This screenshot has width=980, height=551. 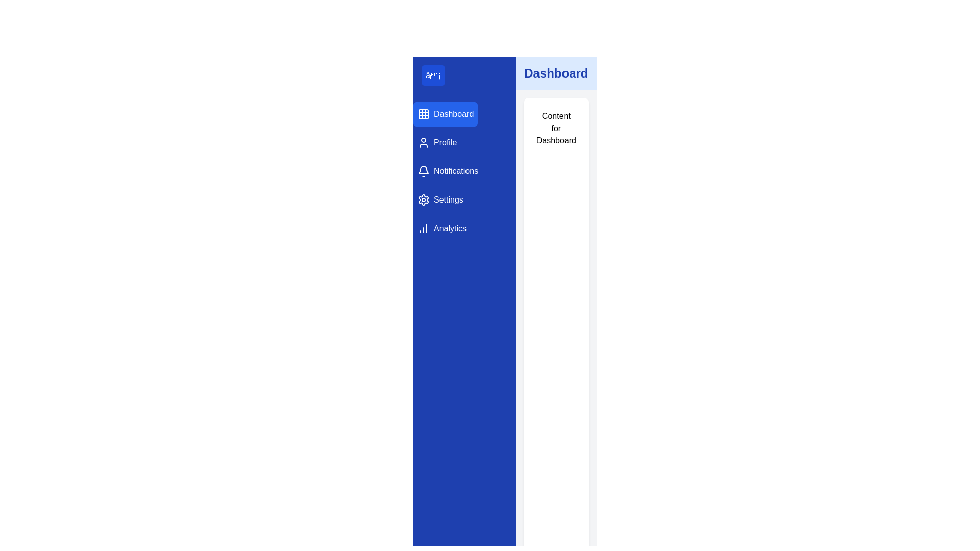 I want to click on the column chart icon with three vertical bars of varying heights on the left navigation panel, located to the left of the 'Analytics' text label, so click(x=424, y=228).